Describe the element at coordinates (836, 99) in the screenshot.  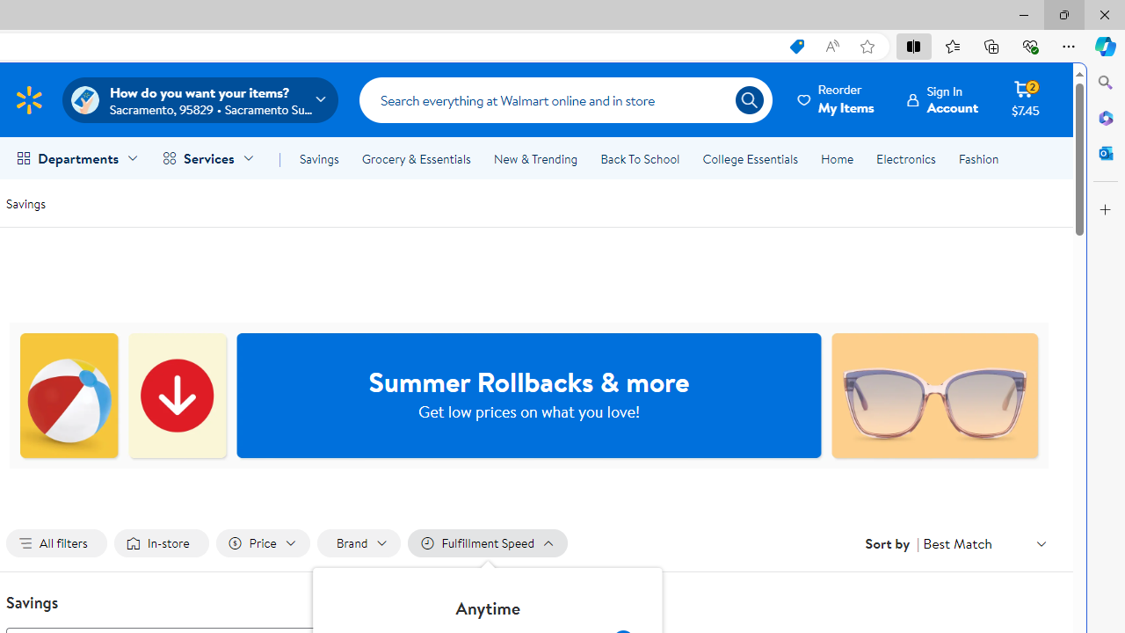
I see `'ReorderMy Items'` at that location.